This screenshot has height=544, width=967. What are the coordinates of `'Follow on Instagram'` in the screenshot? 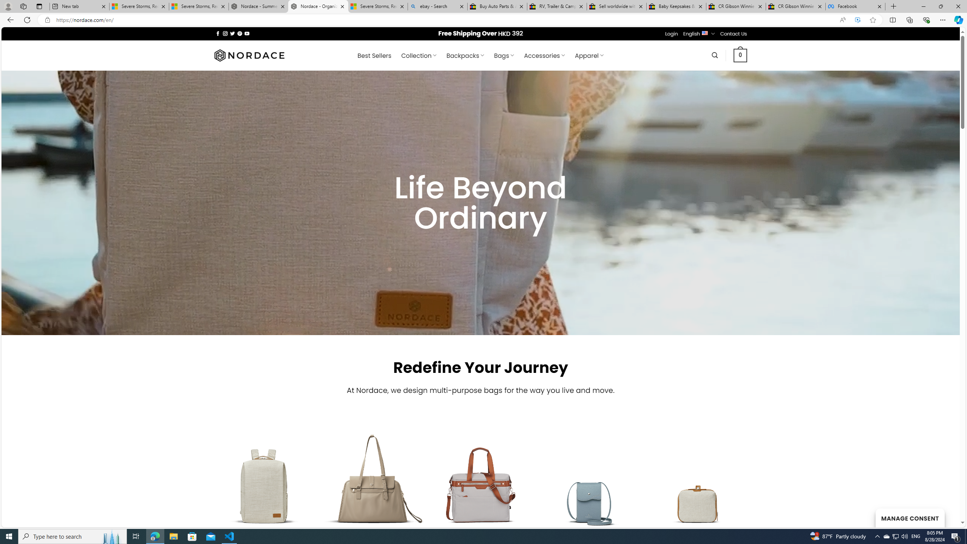 It's located at (225, 33).